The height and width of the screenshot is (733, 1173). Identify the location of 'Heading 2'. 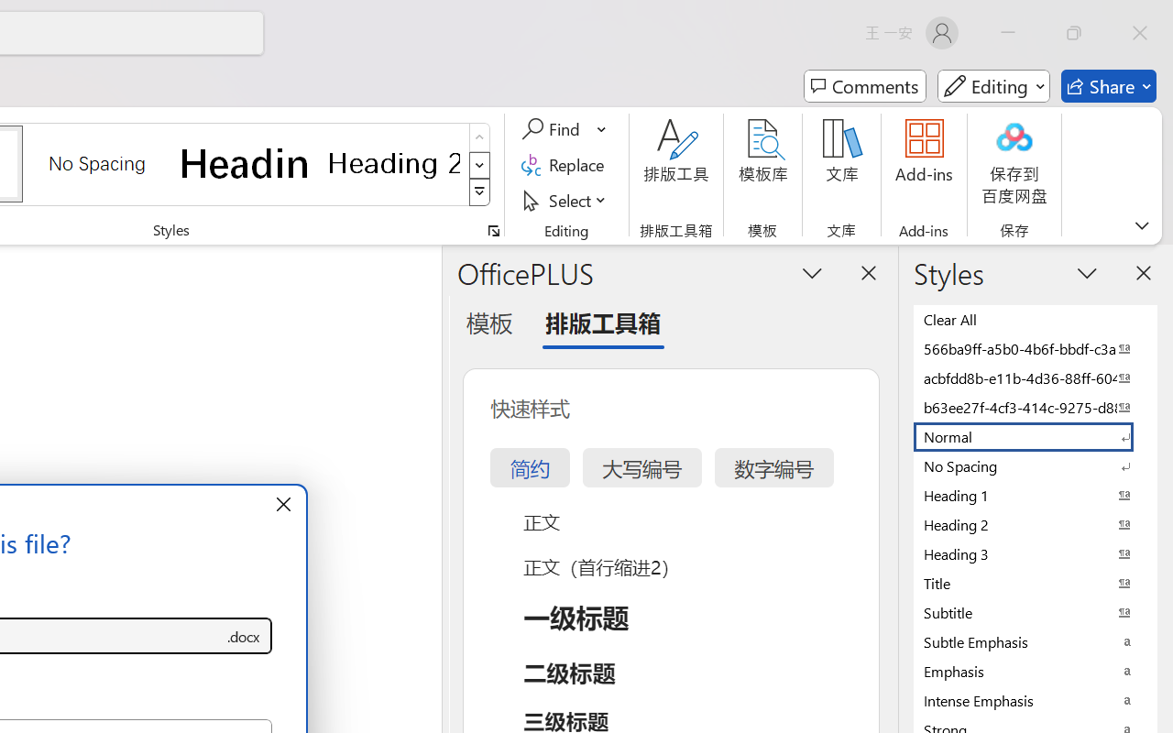
(393, 162).